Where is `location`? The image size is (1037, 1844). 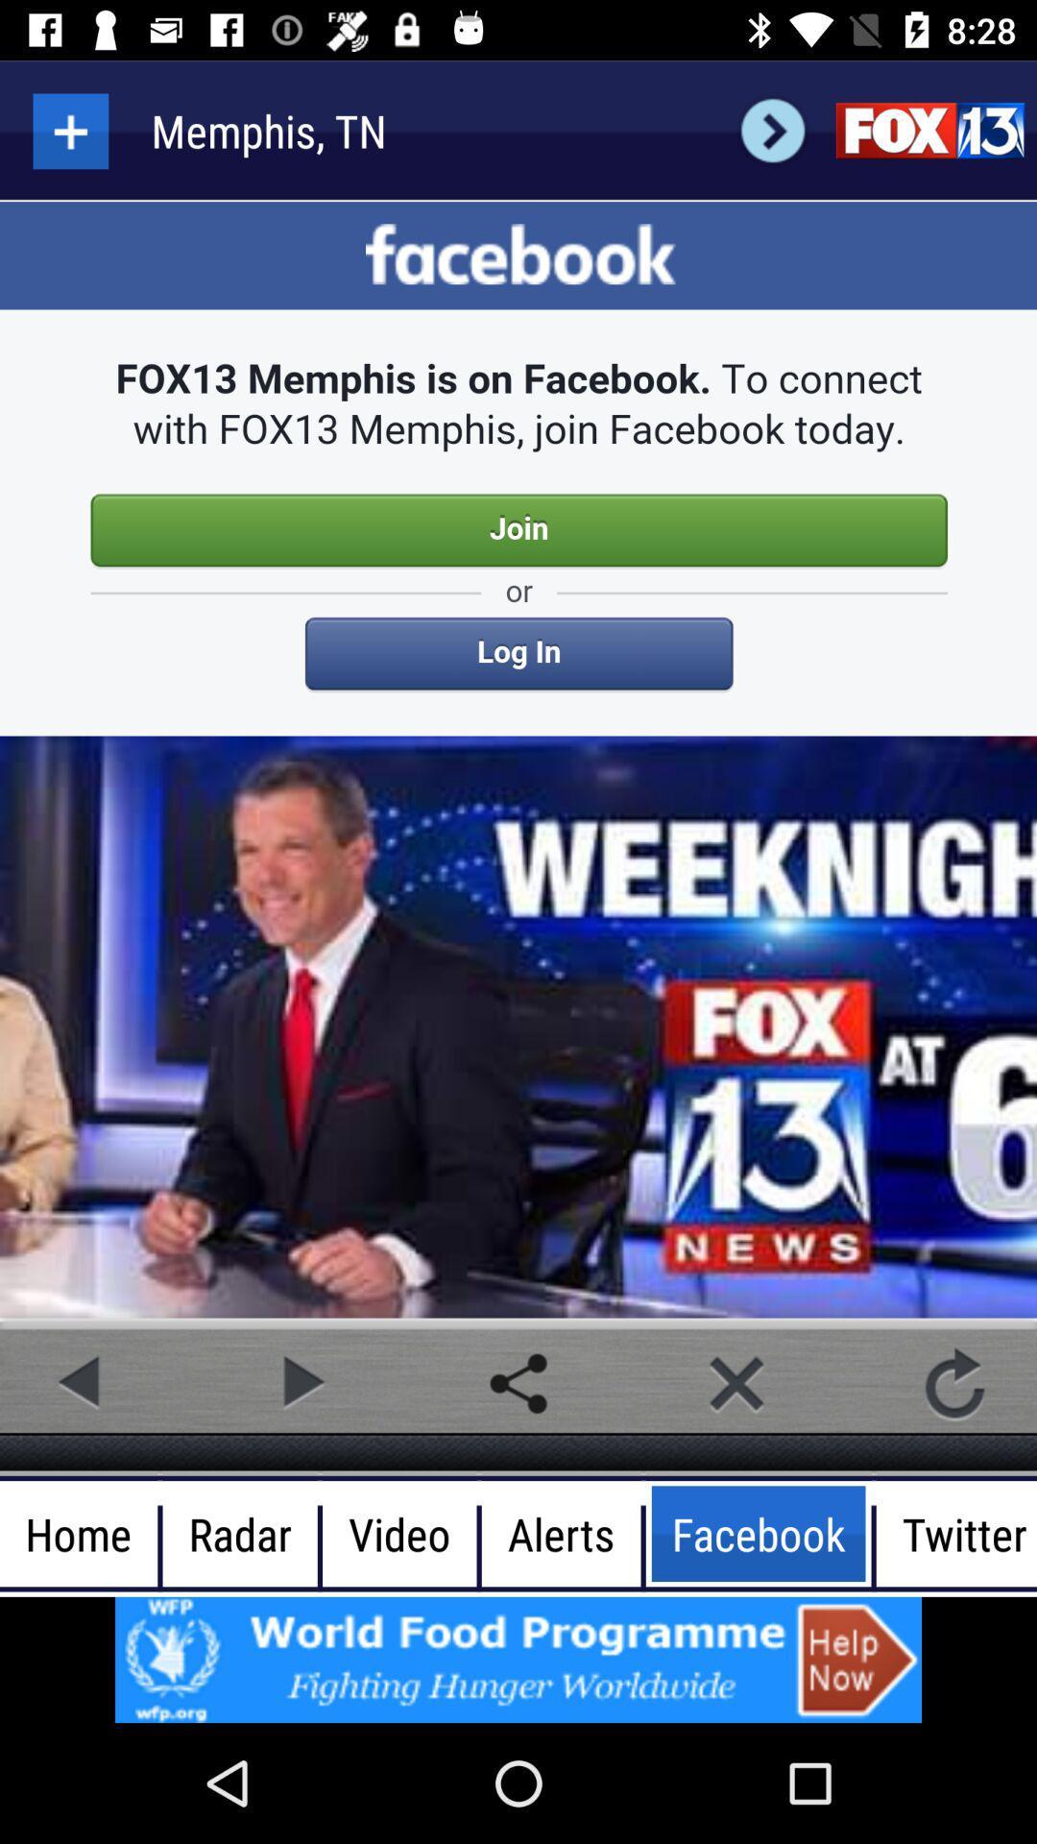
location is located at coordinates (69, 130).